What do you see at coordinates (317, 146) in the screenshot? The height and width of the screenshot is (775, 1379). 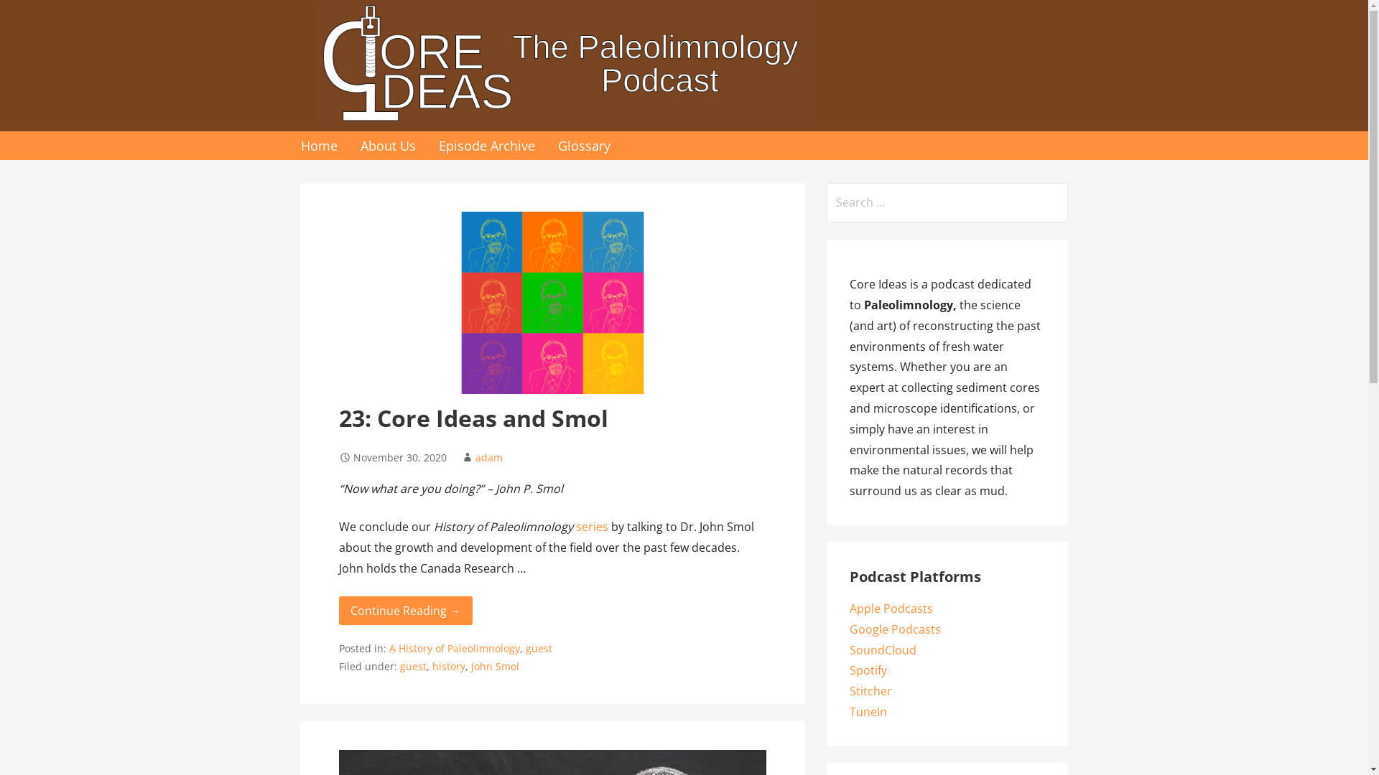 I see `'Home'` at bounding box center [317, 146].